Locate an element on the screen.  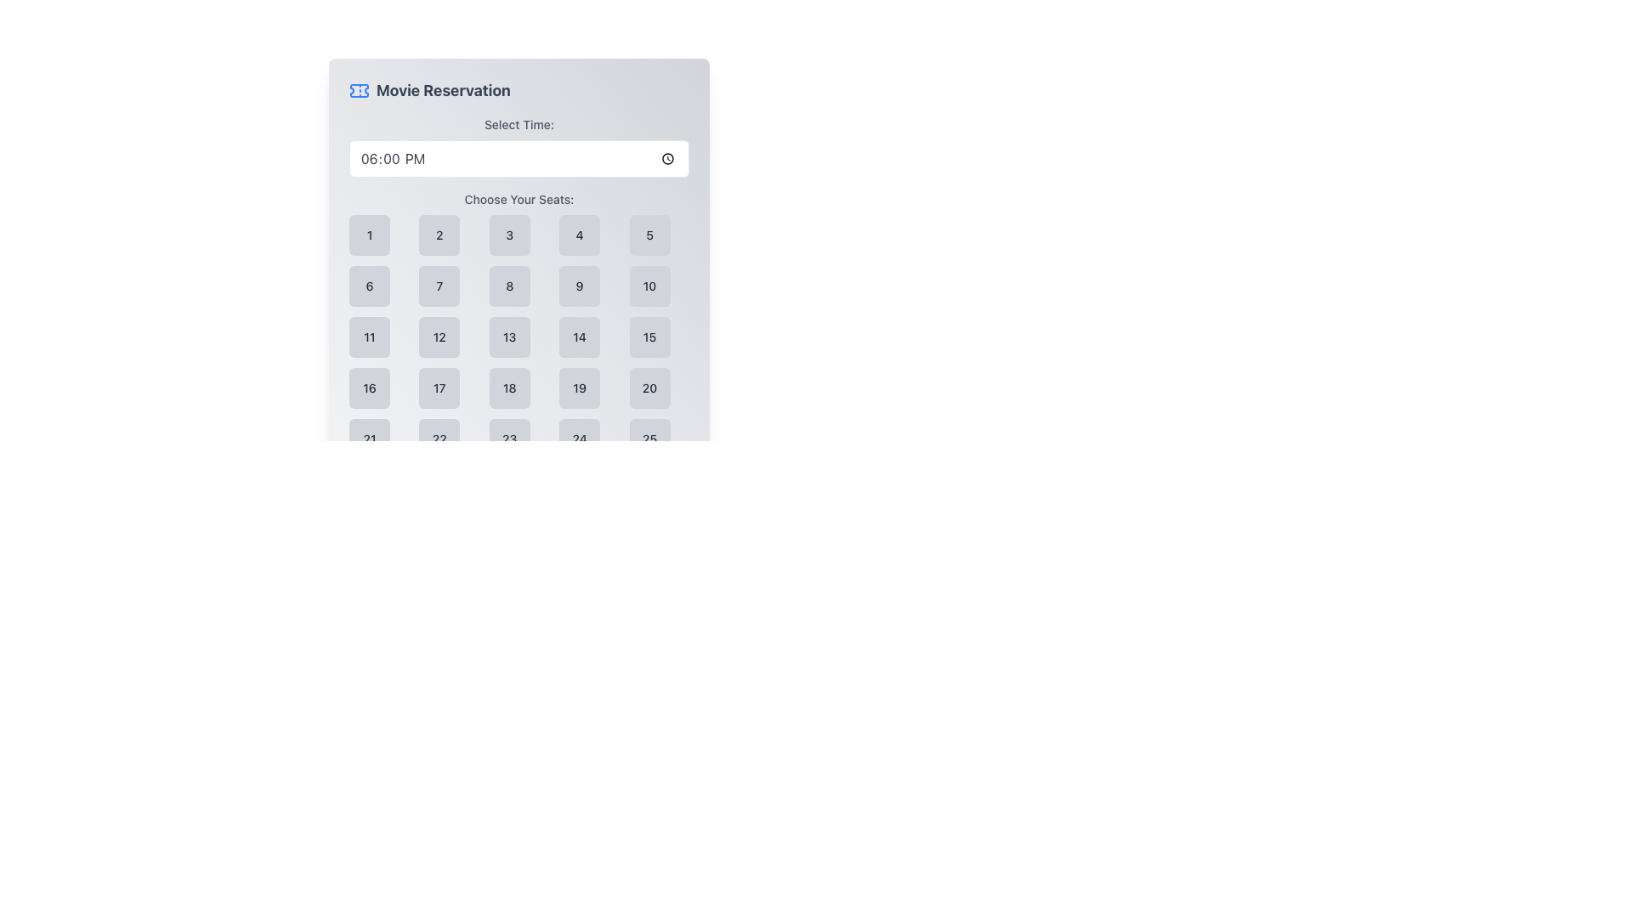
the button is located at coordinates (649, 285).